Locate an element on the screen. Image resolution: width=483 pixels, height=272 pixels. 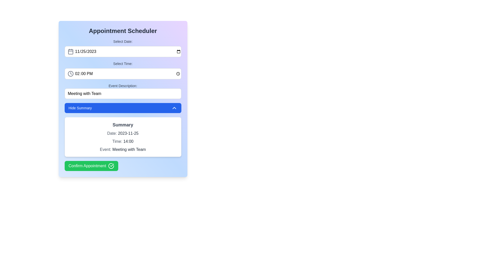
the informational Text label that displays the time of a scheduled event, located within the summary box, following the date text and preceding the event text is located at coordinates (123, 142).